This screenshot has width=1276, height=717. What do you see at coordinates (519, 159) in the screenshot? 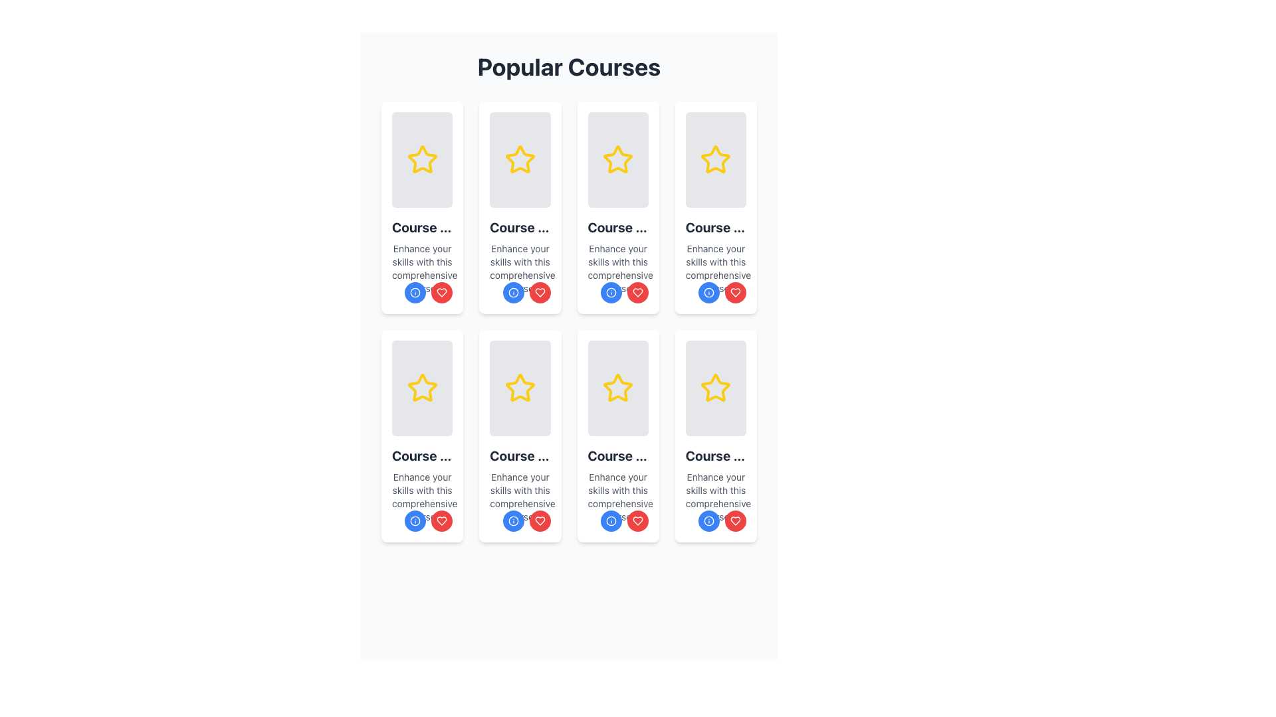
I see `the yellow star icon with a hollow interior, which is located in the second card of the first row under the 'Popular Courses' header` at bounding box center [519, 159].